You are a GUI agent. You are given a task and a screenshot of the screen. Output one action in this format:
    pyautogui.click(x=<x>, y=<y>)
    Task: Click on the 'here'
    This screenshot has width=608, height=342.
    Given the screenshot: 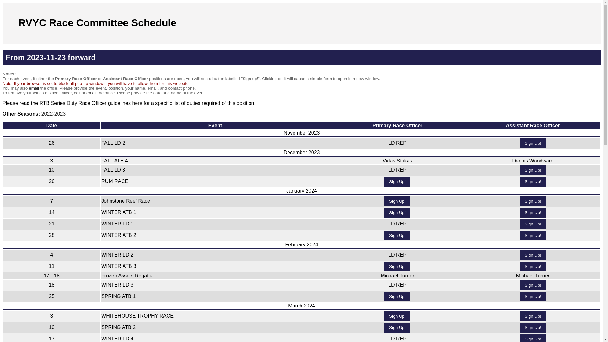 What is the action you would take?
    pyautogui.click(x=132, y=103)
    